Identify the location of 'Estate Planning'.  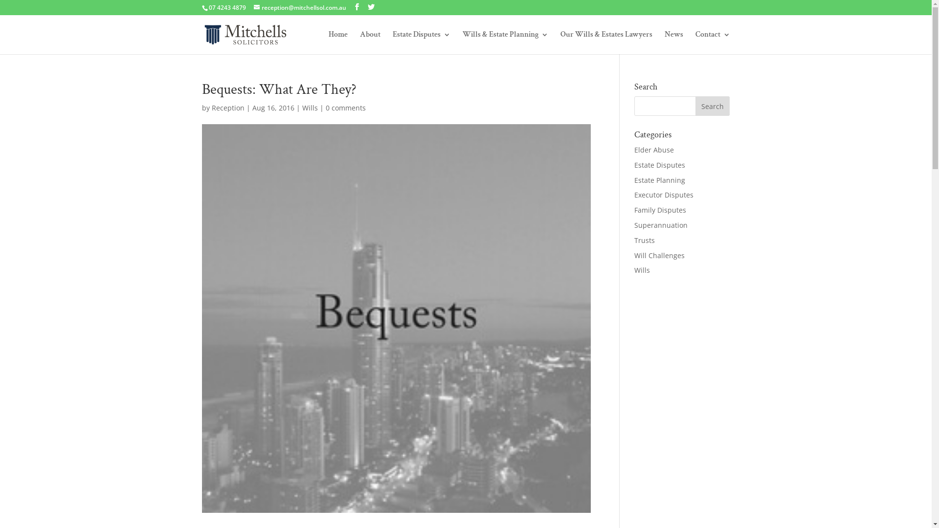
(659, 180).